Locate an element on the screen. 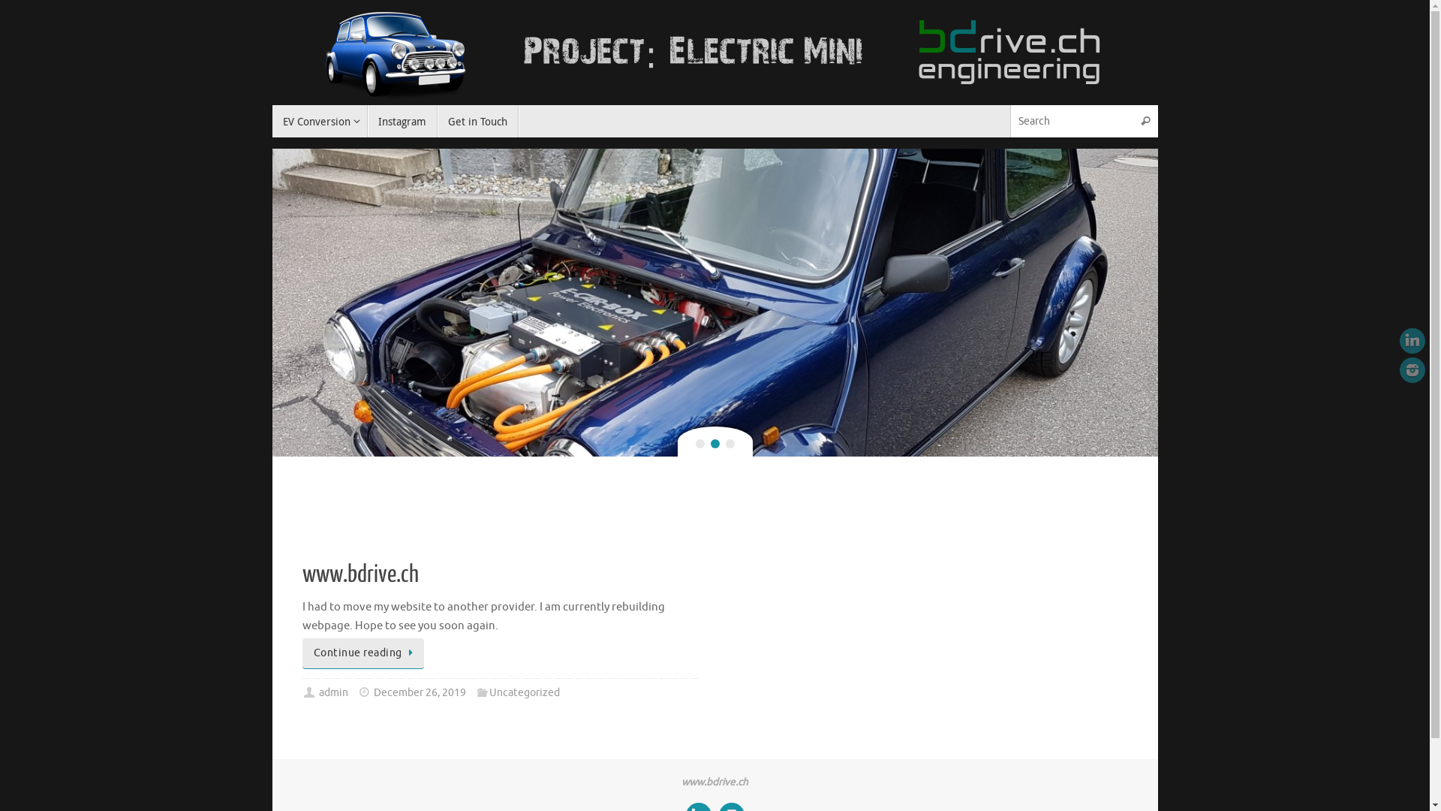 Image resolution: width=1441 pixels, height=811 pixels. 'Continue reading' is located at coordinates (363, 653).